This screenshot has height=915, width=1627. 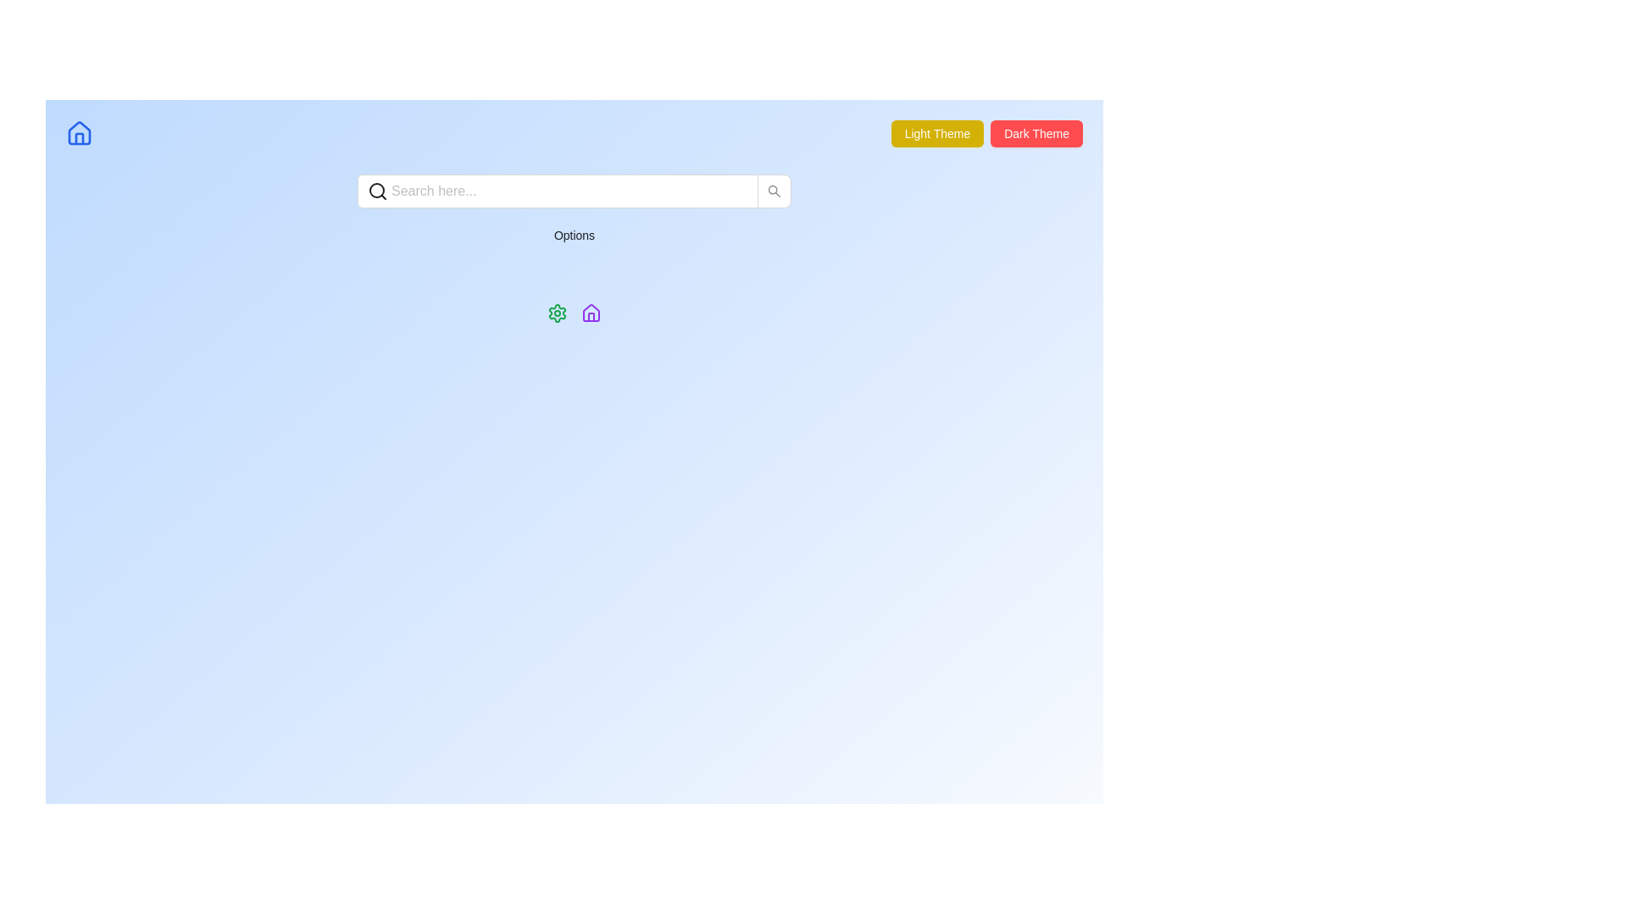 What do you see at coordinates (557, 313) in the screenshot?
I see `the green cogwheel icon, which is centrally positioned below the search bar and next to the 'Options' text` at bounding box center [557, 313].